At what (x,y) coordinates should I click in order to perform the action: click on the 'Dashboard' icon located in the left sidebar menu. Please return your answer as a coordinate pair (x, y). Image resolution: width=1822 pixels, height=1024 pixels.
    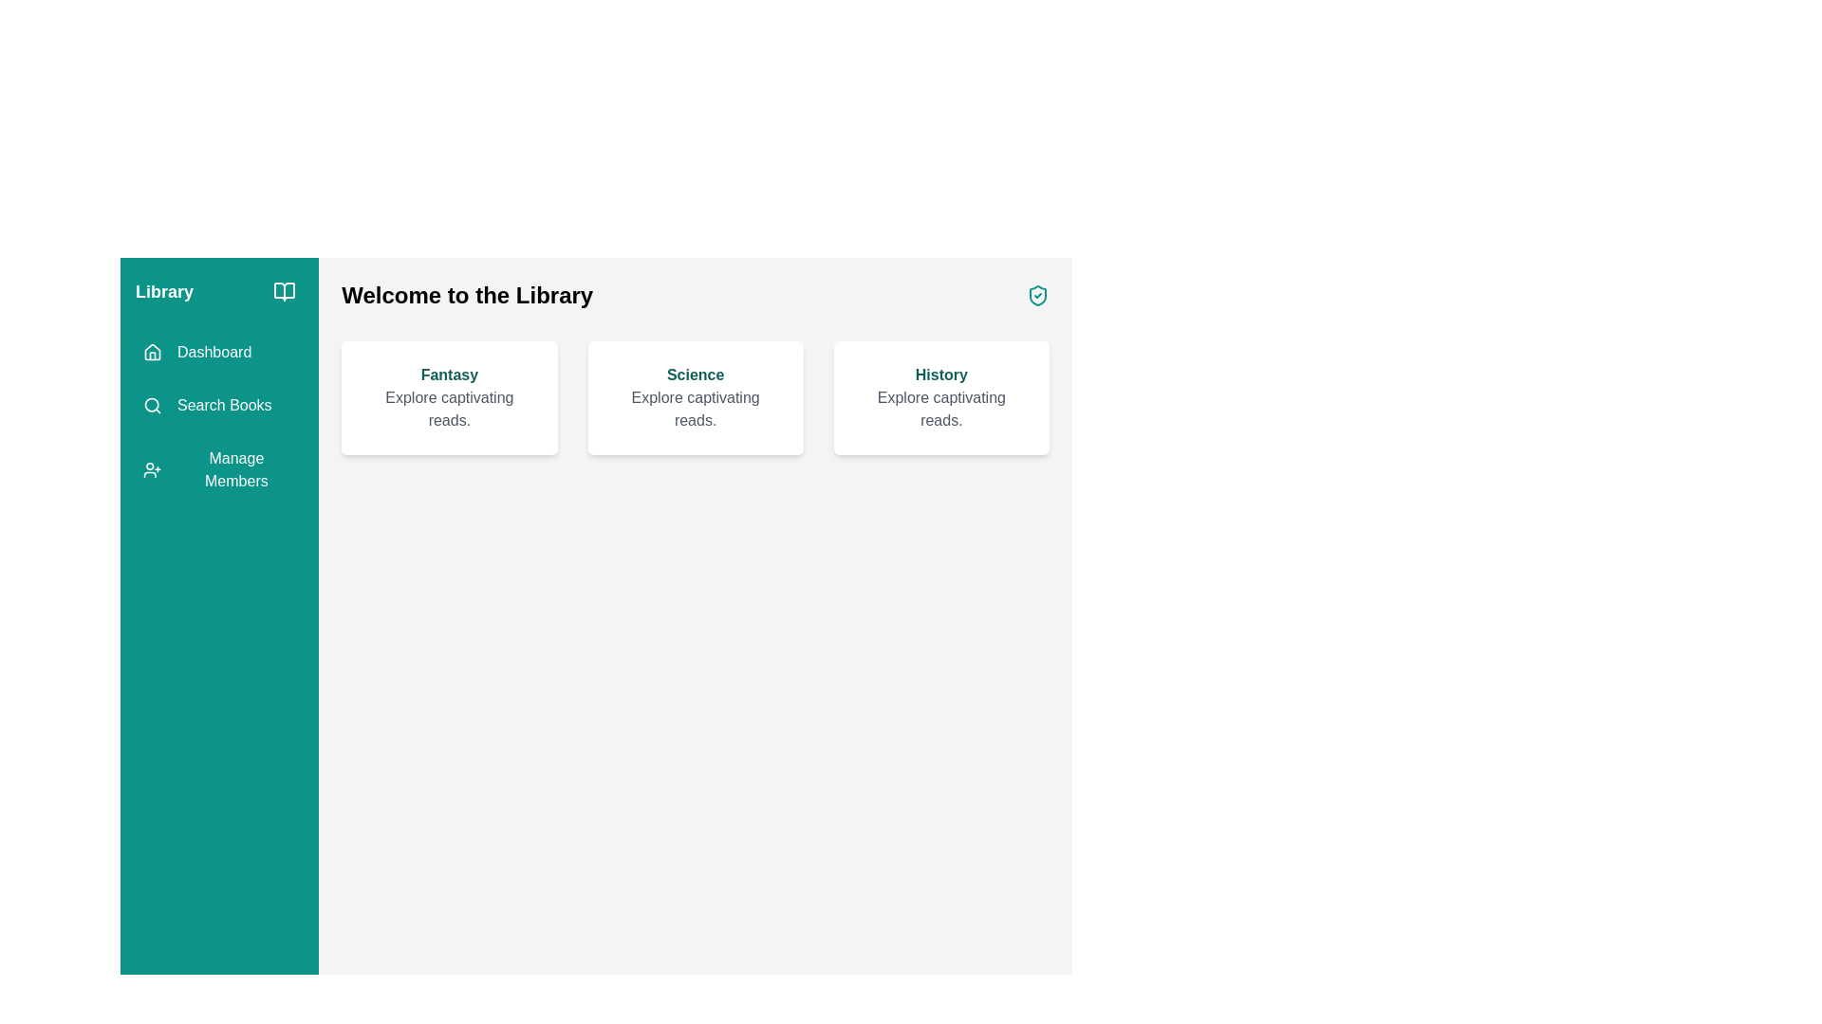
    Looking at the image, I should click on (153, 352).